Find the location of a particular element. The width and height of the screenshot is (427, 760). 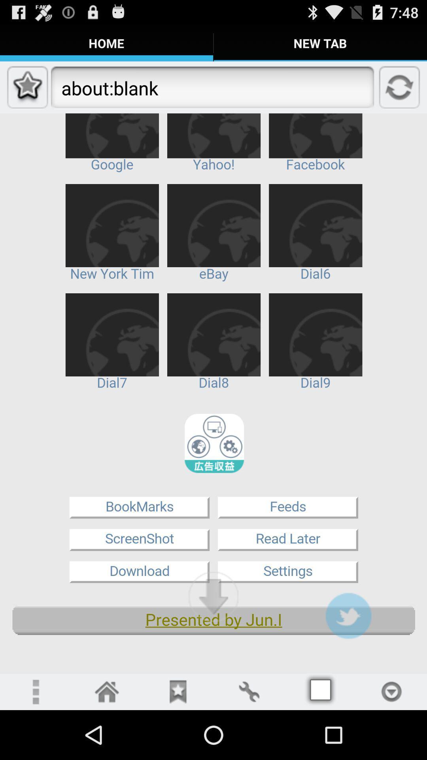

the more icon is located at coordinates (35, 740).